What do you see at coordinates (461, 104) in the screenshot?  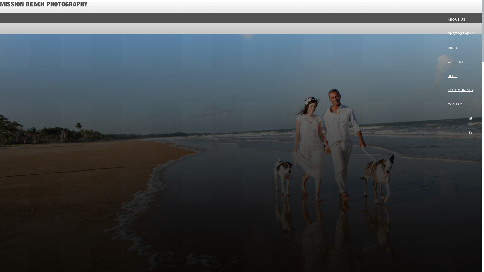 I see `'CONTACT'` at bounding box center [461, 104].